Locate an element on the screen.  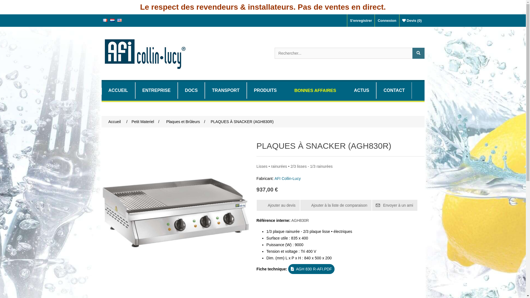
'AFI Collin-Lucy' is located at coordinates (287, 179).